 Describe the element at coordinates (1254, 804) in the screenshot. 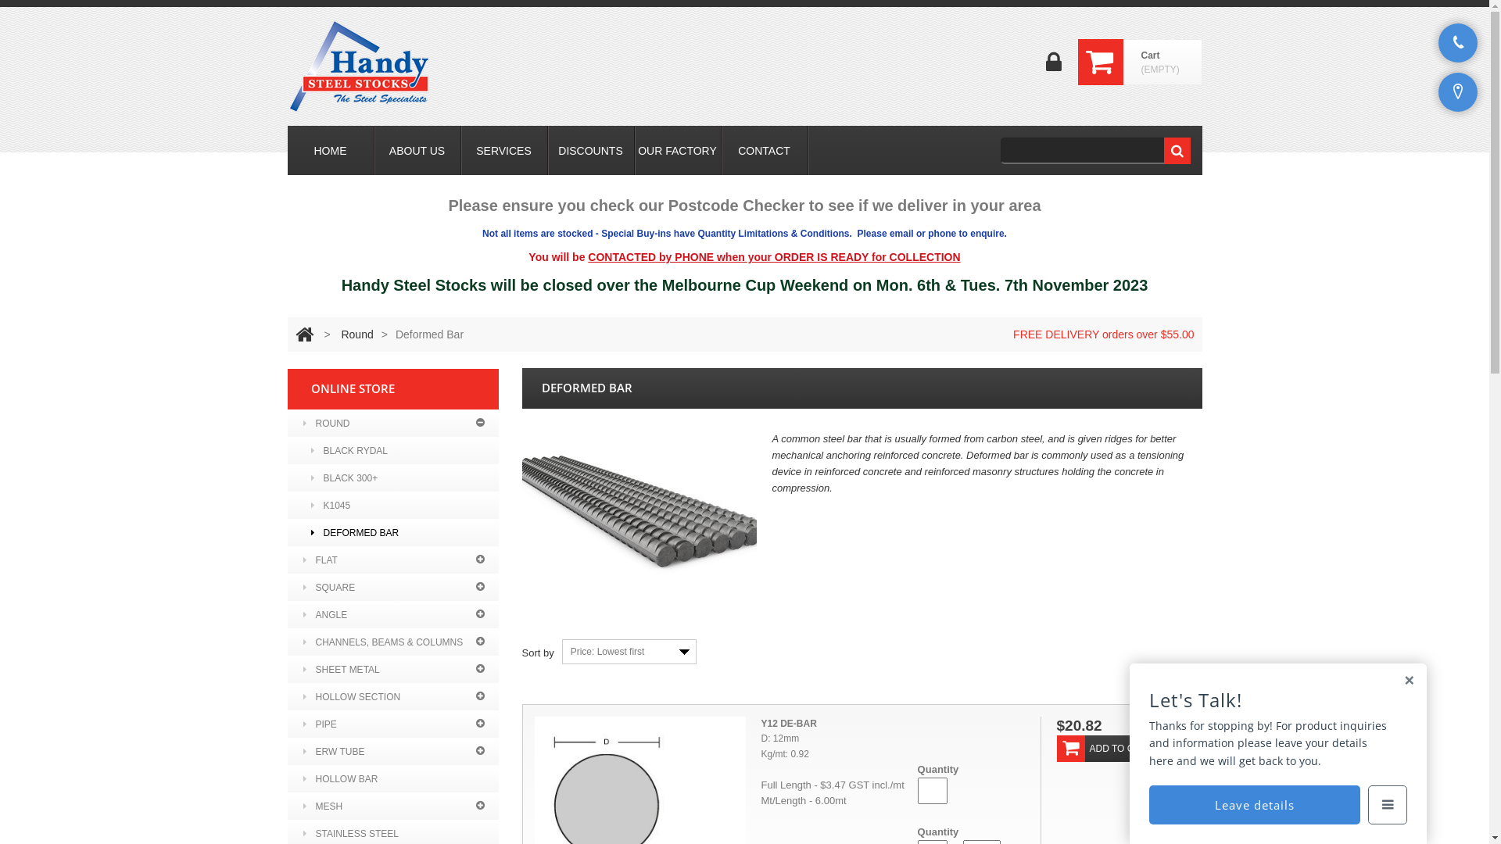

I see `'Leave details'` at that location.